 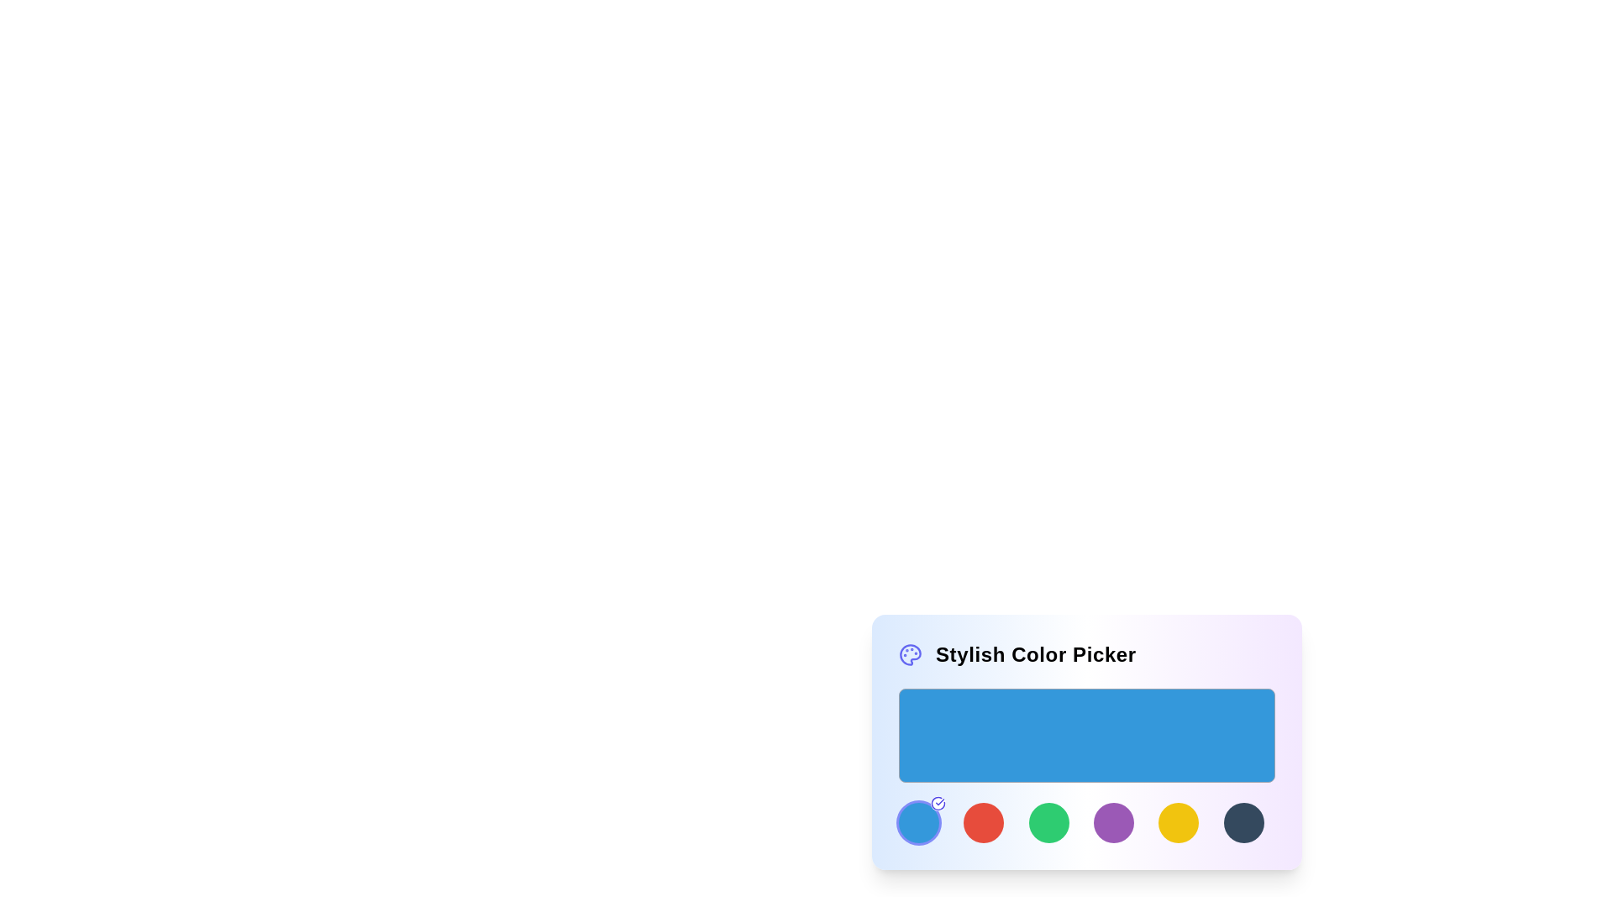 I want to click on the color display area located below the title 'Stylish Color Picker', which visually represents the currently selected color, so click(x=1087, y=734).